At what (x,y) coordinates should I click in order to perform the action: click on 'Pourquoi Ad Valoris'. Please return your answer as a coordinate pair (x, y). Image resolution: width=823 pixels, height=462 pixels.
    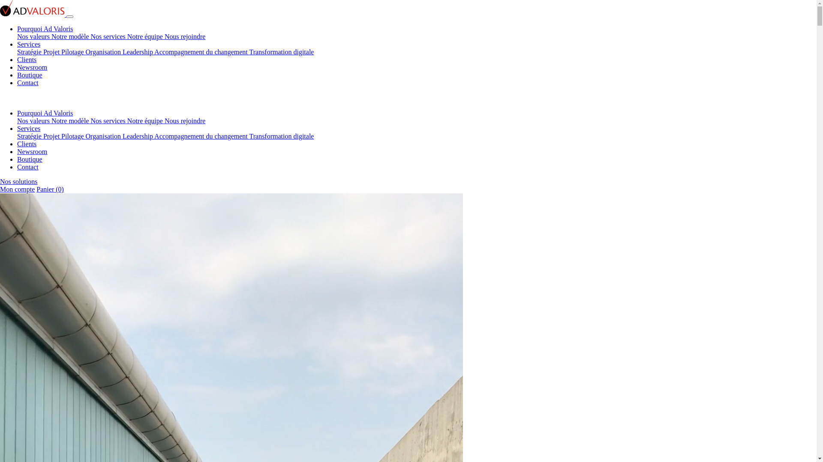
    Looking at the image, I should click on (17, 113).